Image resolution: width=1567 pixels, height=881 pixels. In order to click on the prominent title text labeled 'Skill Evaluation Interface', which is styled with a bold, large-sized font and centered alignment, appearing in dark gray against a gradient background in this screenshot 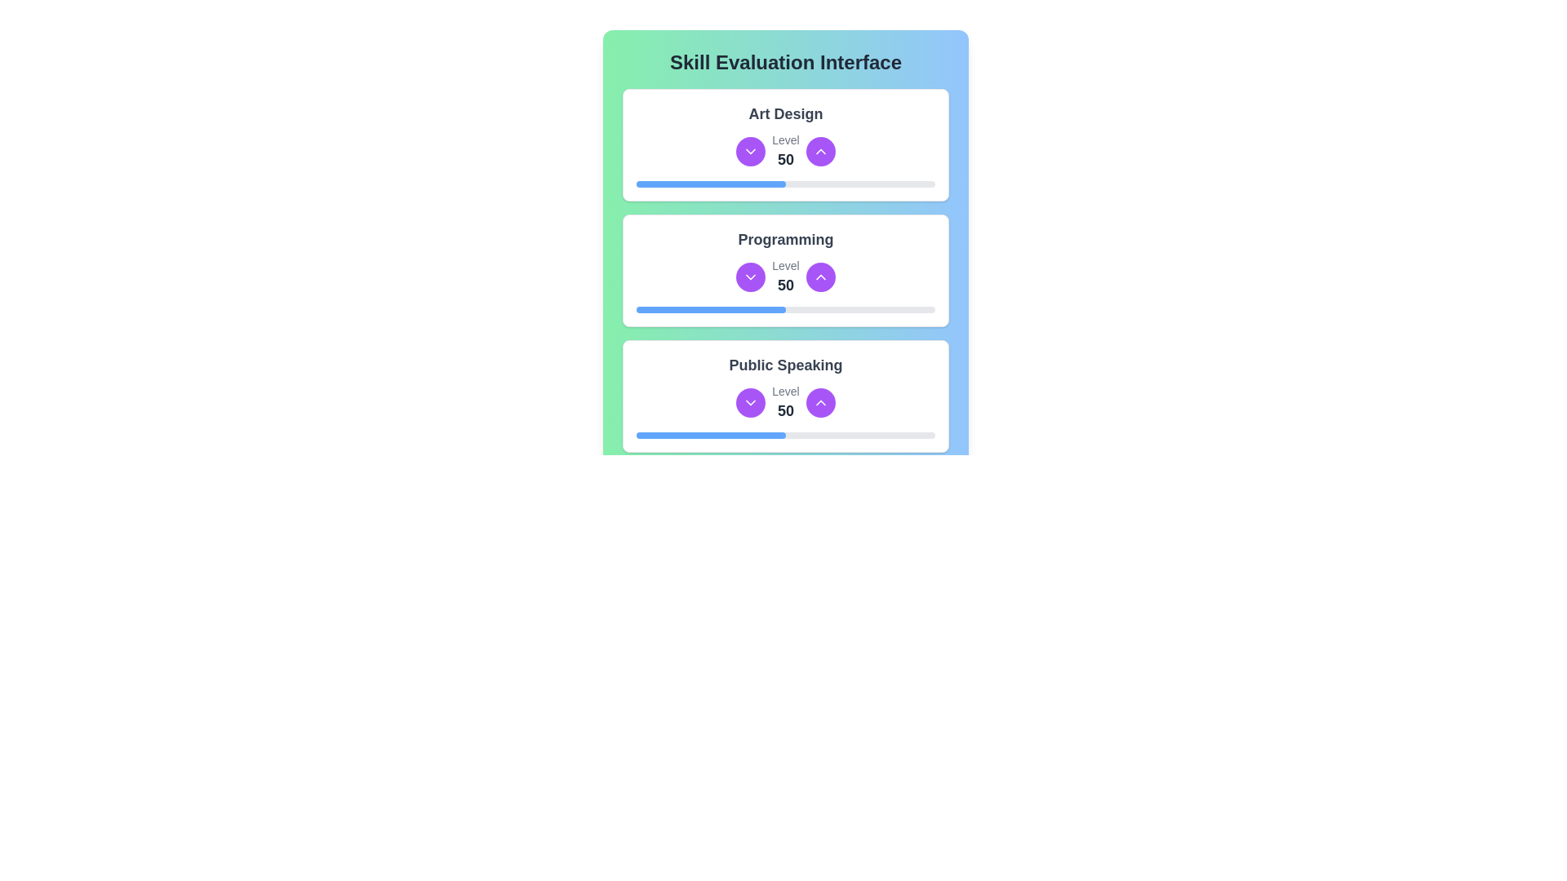, I will do `click(786, 62)`.